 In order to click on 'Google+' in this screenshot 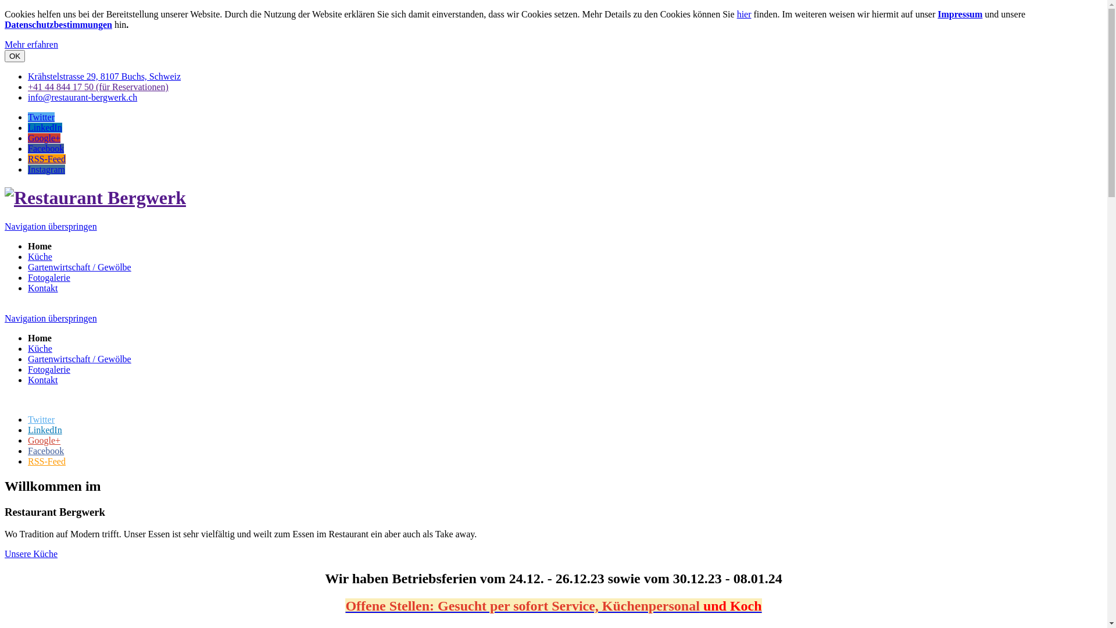, I will do `click(44, 137)`.